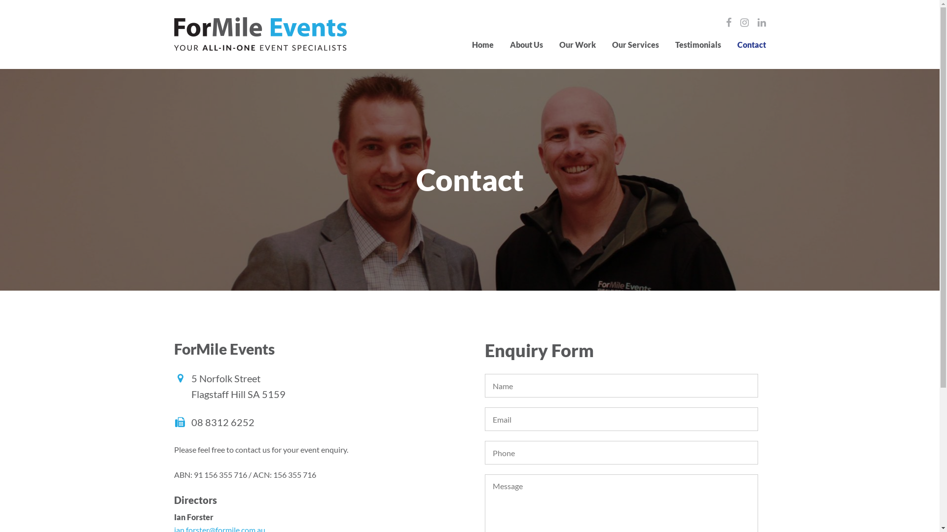 The height and width of the screenshot is (532, 947). I want to click on 'About Us', so click(526, 44).